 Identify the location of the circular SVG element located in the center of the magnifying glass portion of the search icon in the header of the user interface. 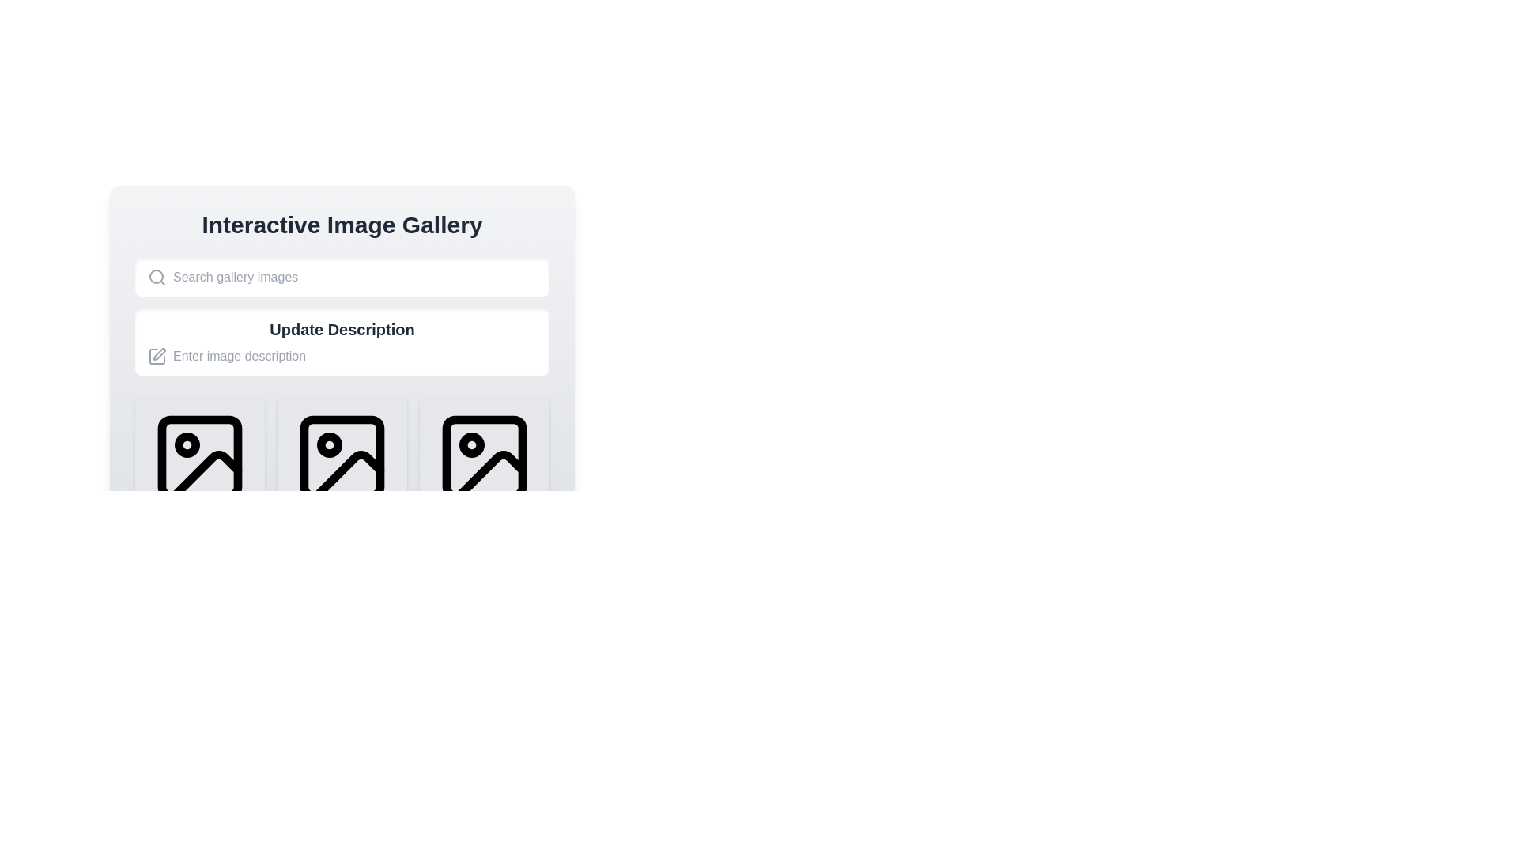
(156, 276).